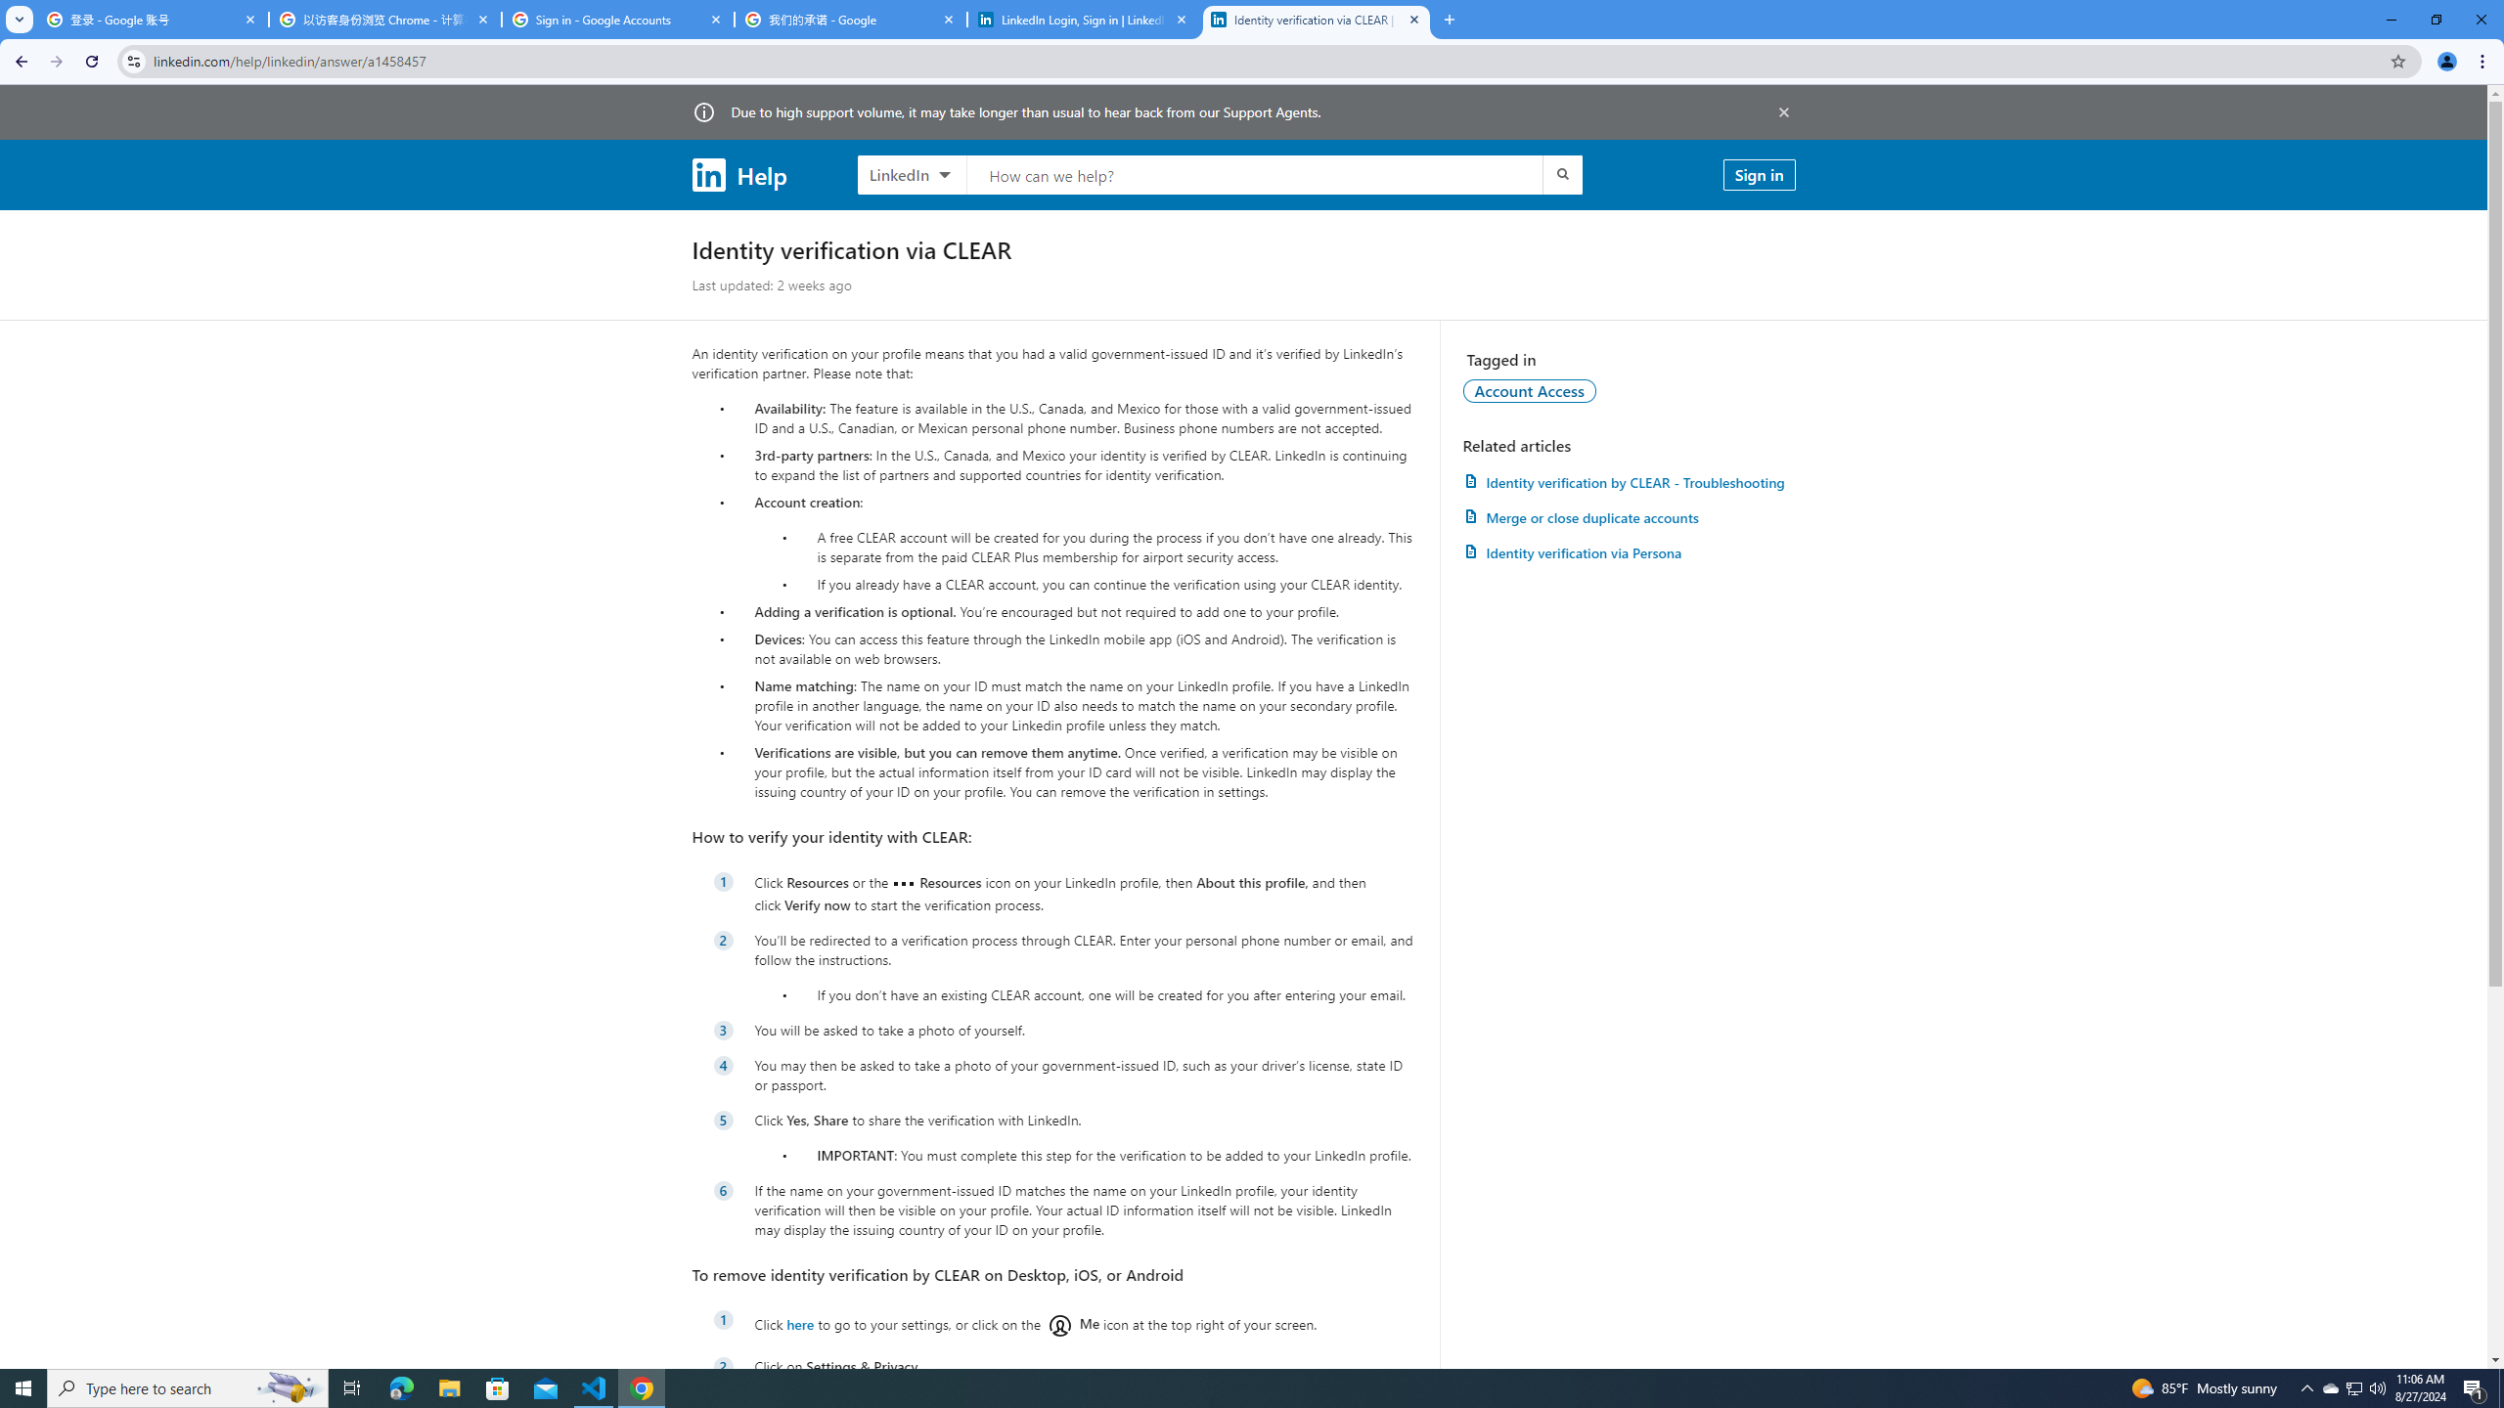  Describe the element at coordinates (617, 19) in the screenshot. I see `'Sign in - Google Accounts'` at that location.